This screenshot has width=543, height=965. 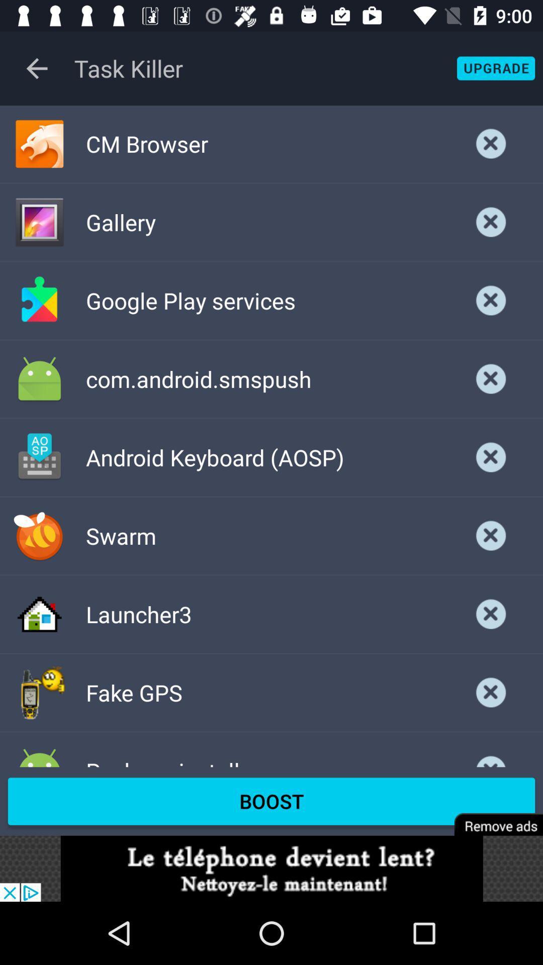 What do you see at coordinates (491, 300) in the screenshot?
I see `the option` at bounding box center [491, 300].